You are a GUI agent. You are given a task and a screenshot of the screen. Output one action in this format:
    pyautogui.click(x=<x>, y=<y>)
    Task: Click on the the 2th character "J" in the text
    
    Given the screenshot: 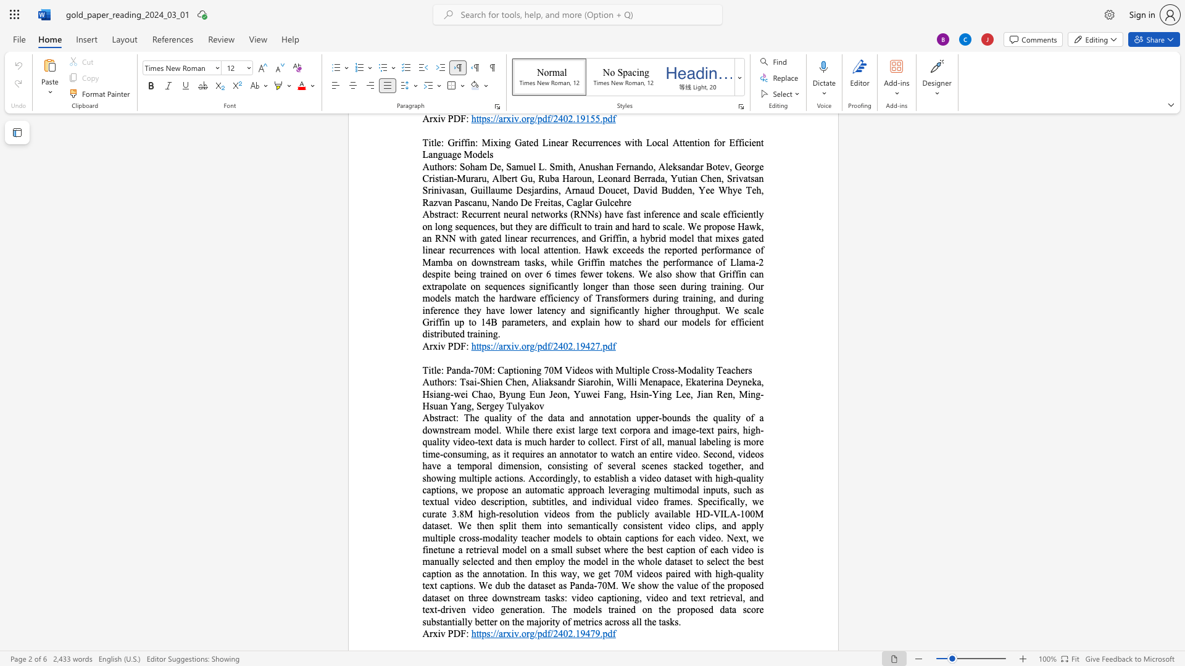 What is the action you would take?
    pyautogui.click(x=699, y=394)
    